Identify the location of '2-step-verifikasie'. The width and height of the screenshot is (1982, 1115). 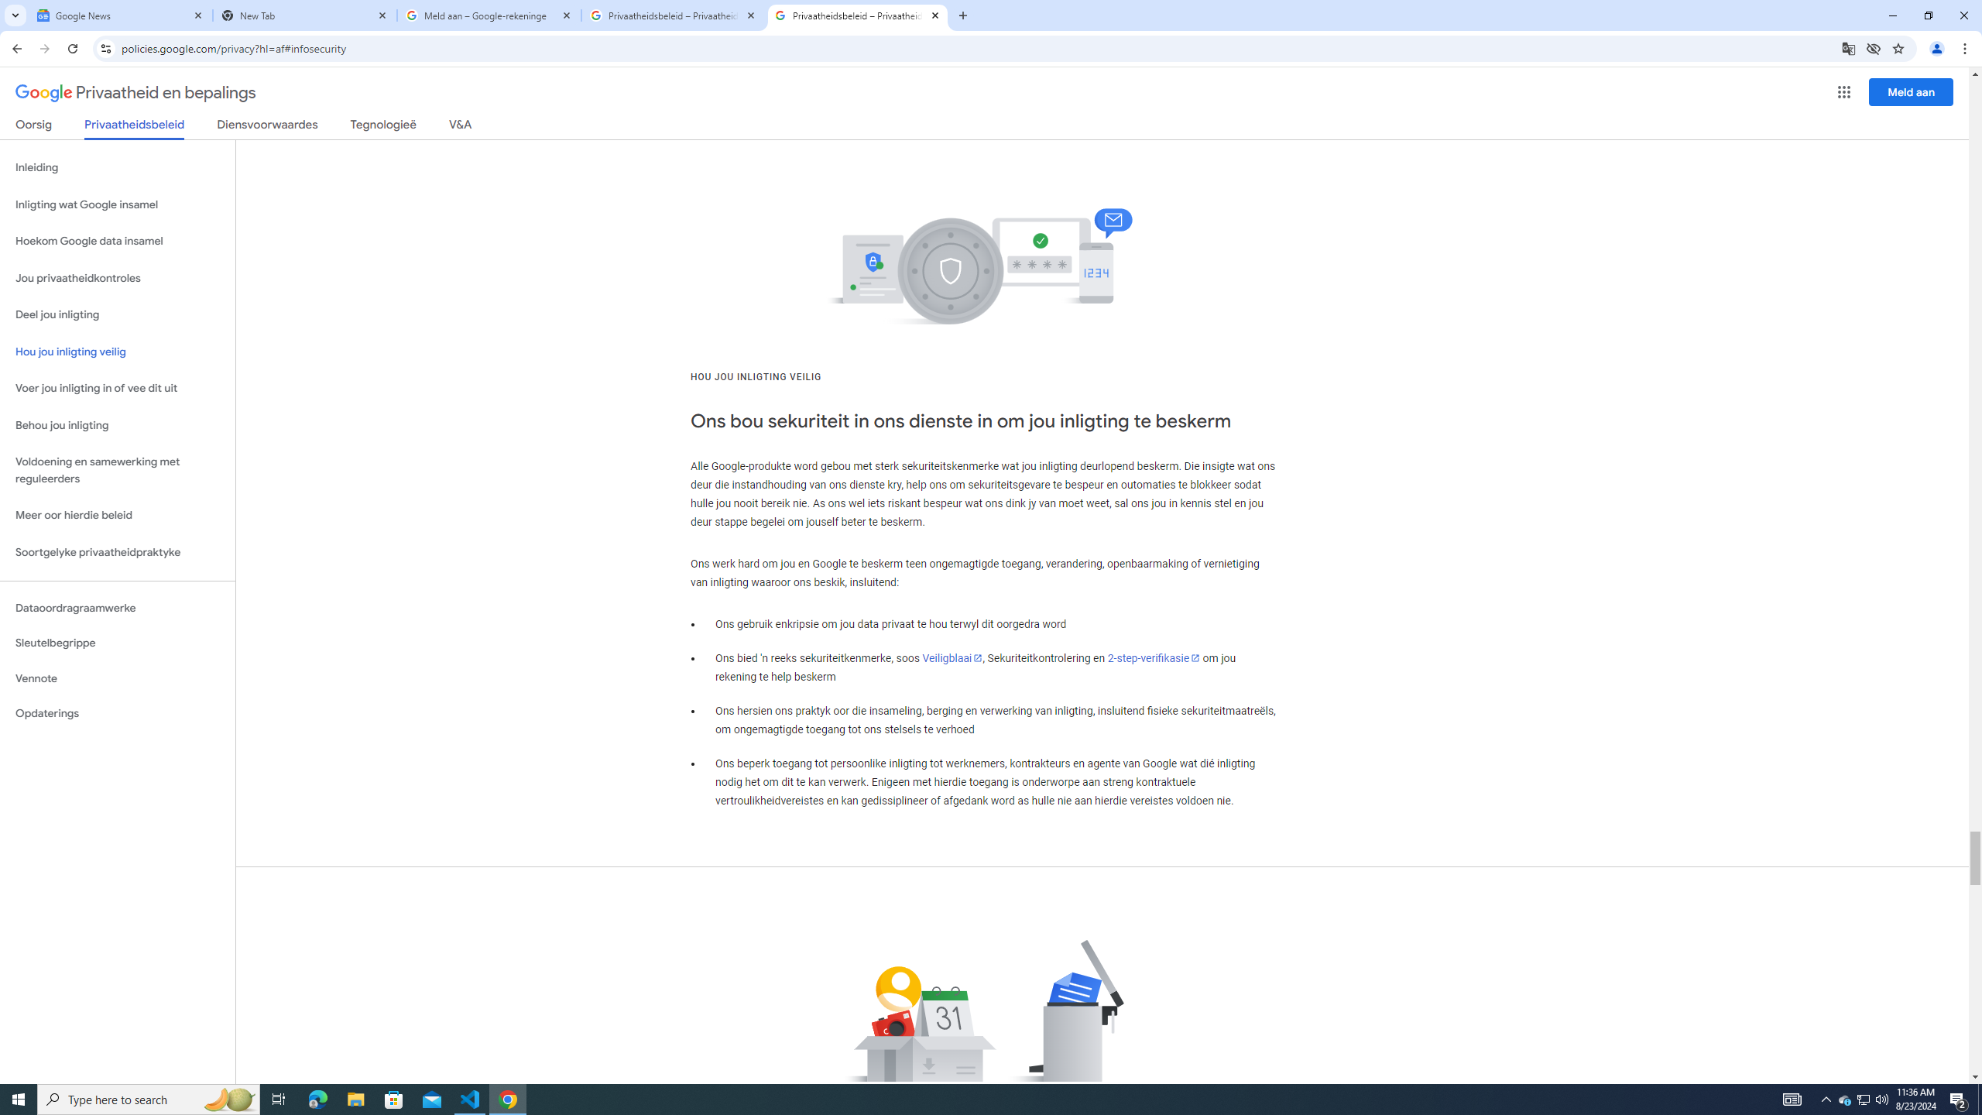
(1154, 658).